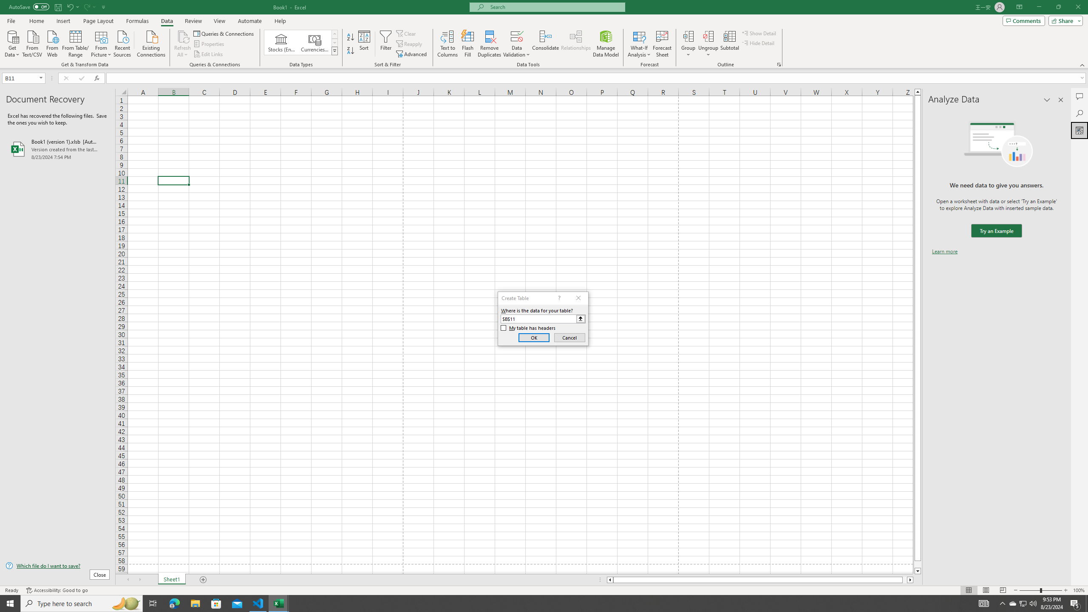  What do you see at coordinates (11, 20) in the screenshot?
I see `'File Tab'` at bounding box center [11, 20].